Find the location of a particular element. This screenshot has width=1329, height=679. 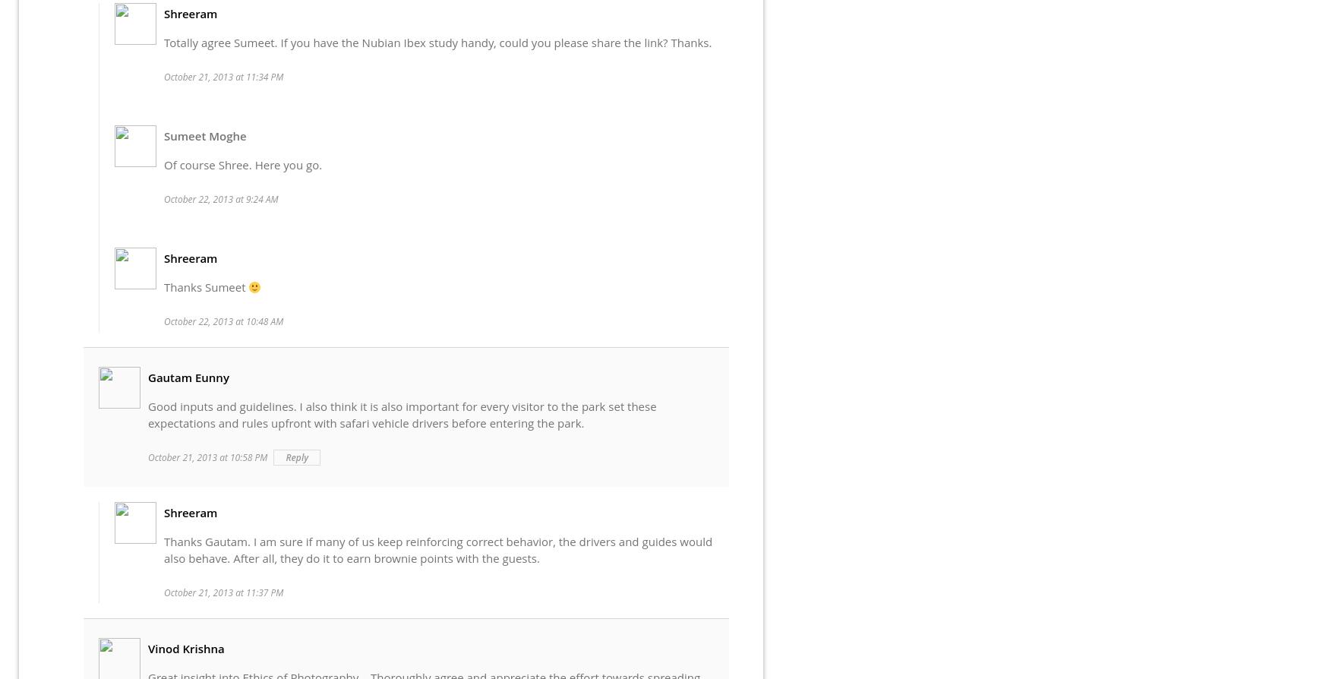

'Good inputs and guidelines. I also think it is also important for every visitor to the park set these expectations and rules upfront with safari vehicle drivers before entering the park.' is located at coordinates (401, 414).